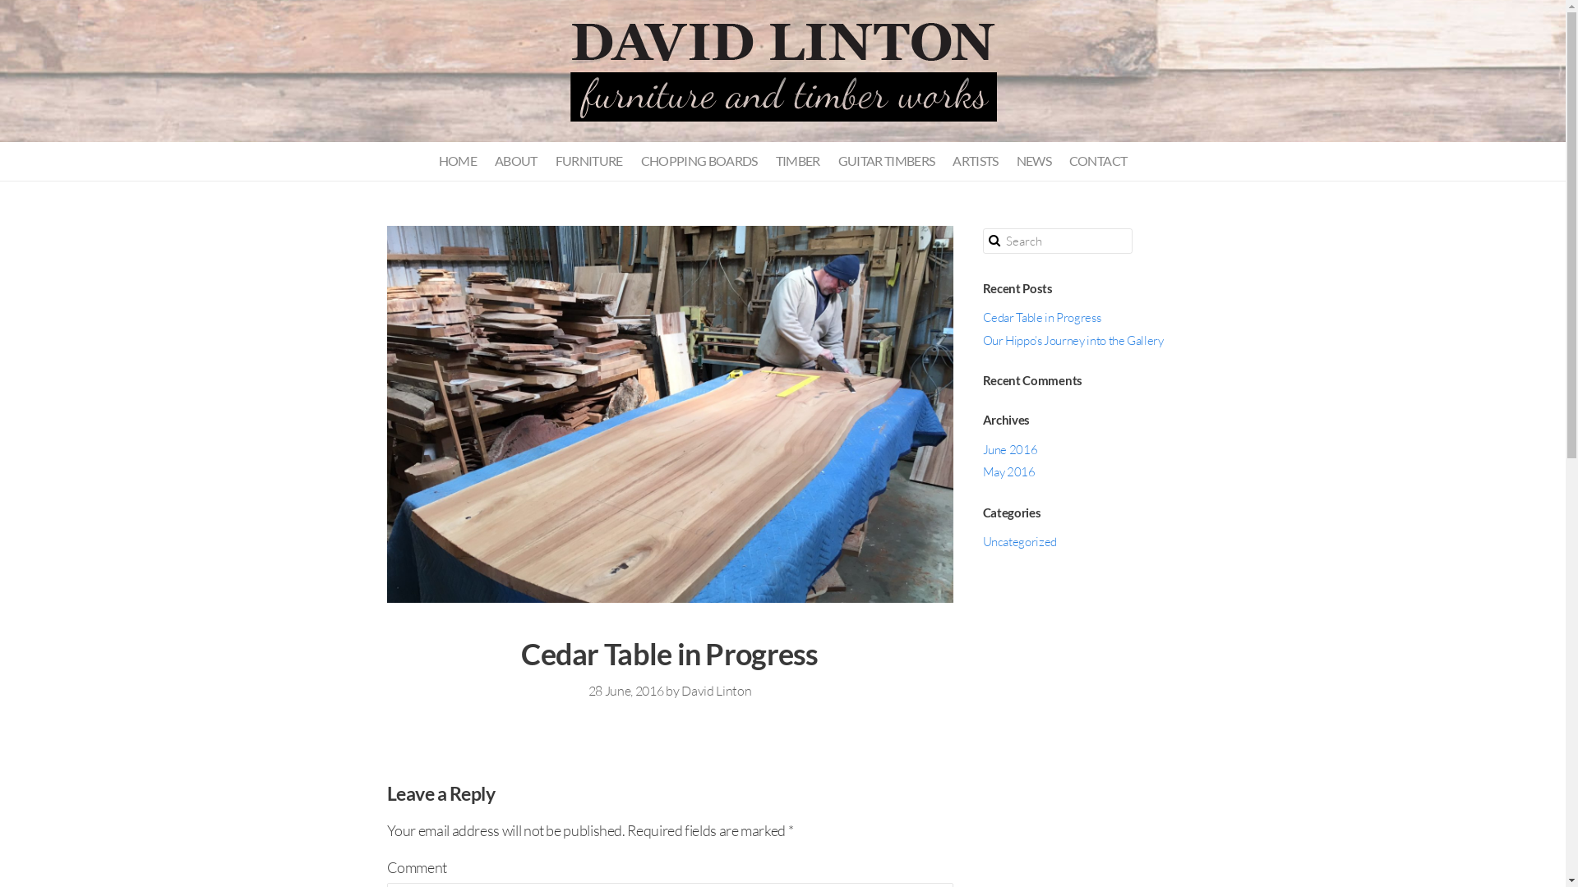 The image size is (1578, 887). I want to click on 'May 2016', so click(1008, 471).